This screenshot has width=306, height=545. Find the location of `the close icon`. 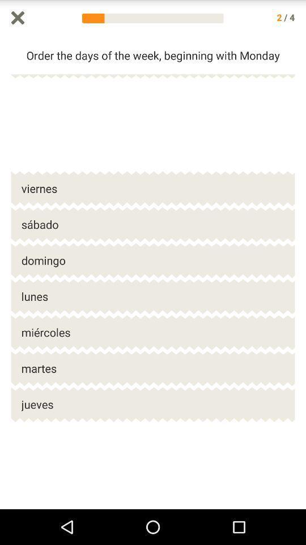

the close icon is located at coordinates (17, 18).